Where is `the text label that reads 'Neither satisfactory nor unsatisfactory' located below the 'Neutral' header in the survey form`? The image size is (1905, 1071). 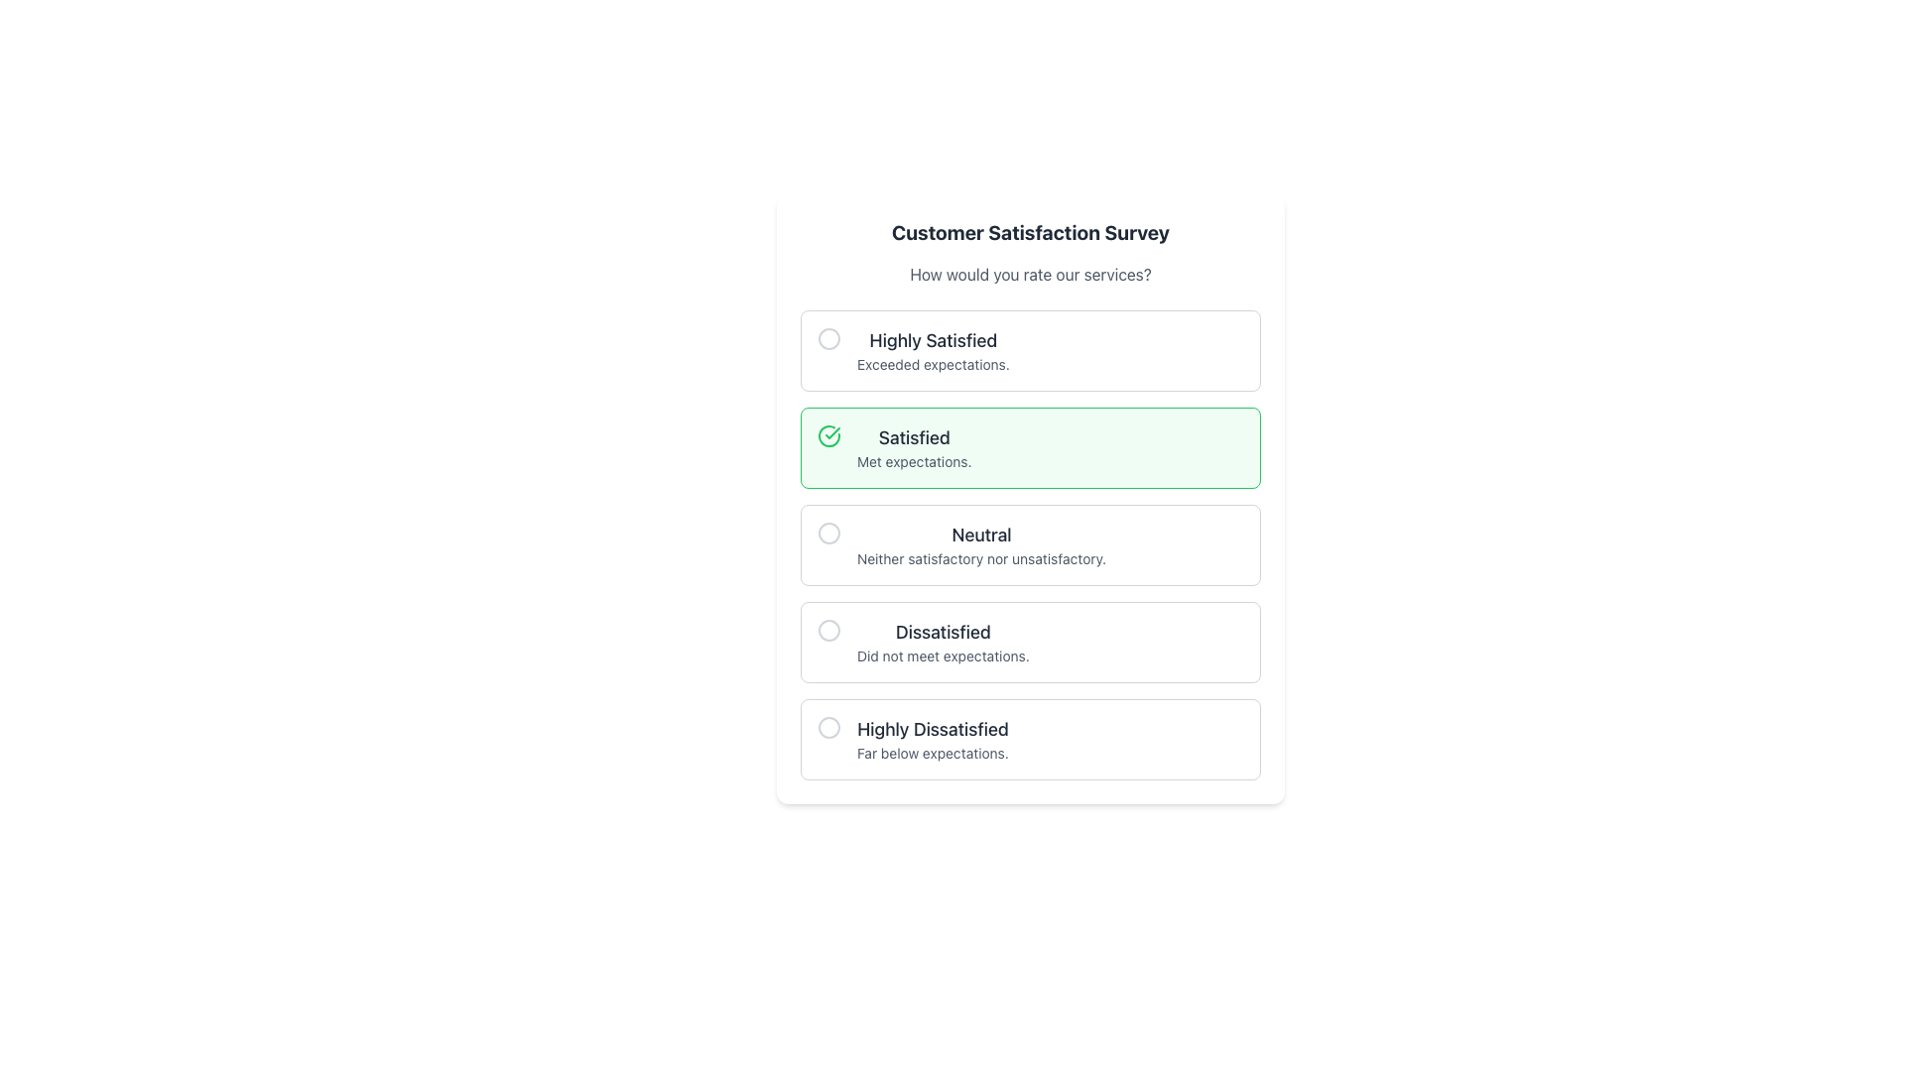
the text label that reads 'Neither satisfactory nor unsatisfactory' located below the 'Neutral' header in the survey form is located at coordinates (981, 558).